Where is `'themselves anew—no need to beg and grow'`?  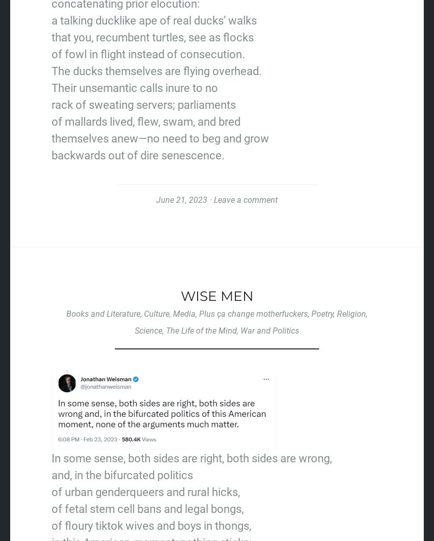 'themselves anew—no need to beg and grow' is located at coordinates (160, 138).